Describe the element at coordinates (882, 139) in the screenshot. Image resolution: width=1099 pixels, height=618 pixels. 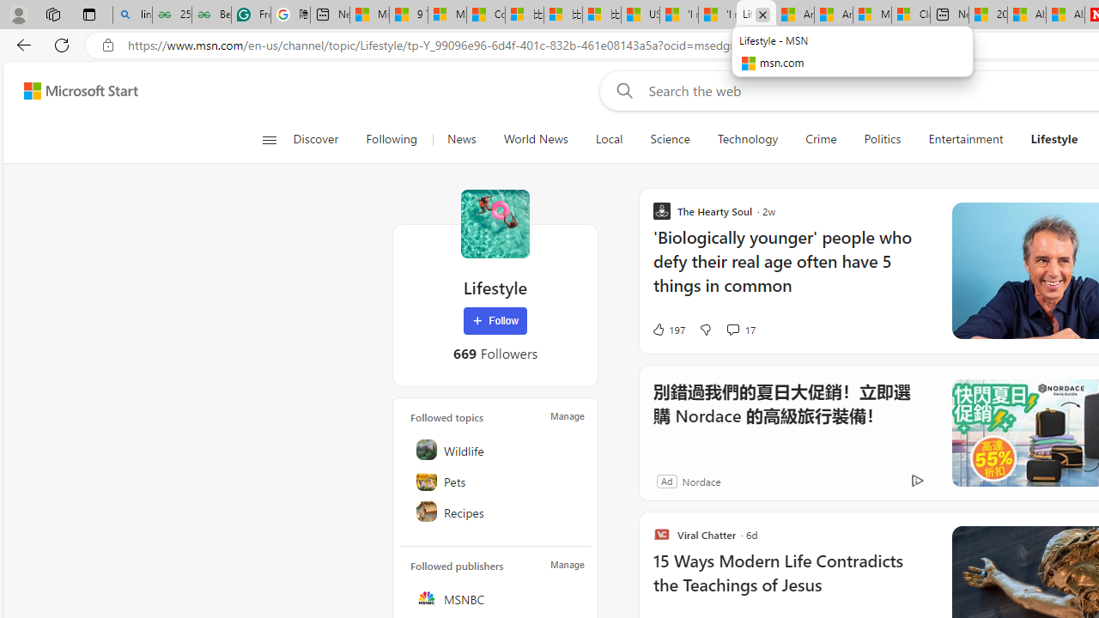
I see `'Politics'` at that location.